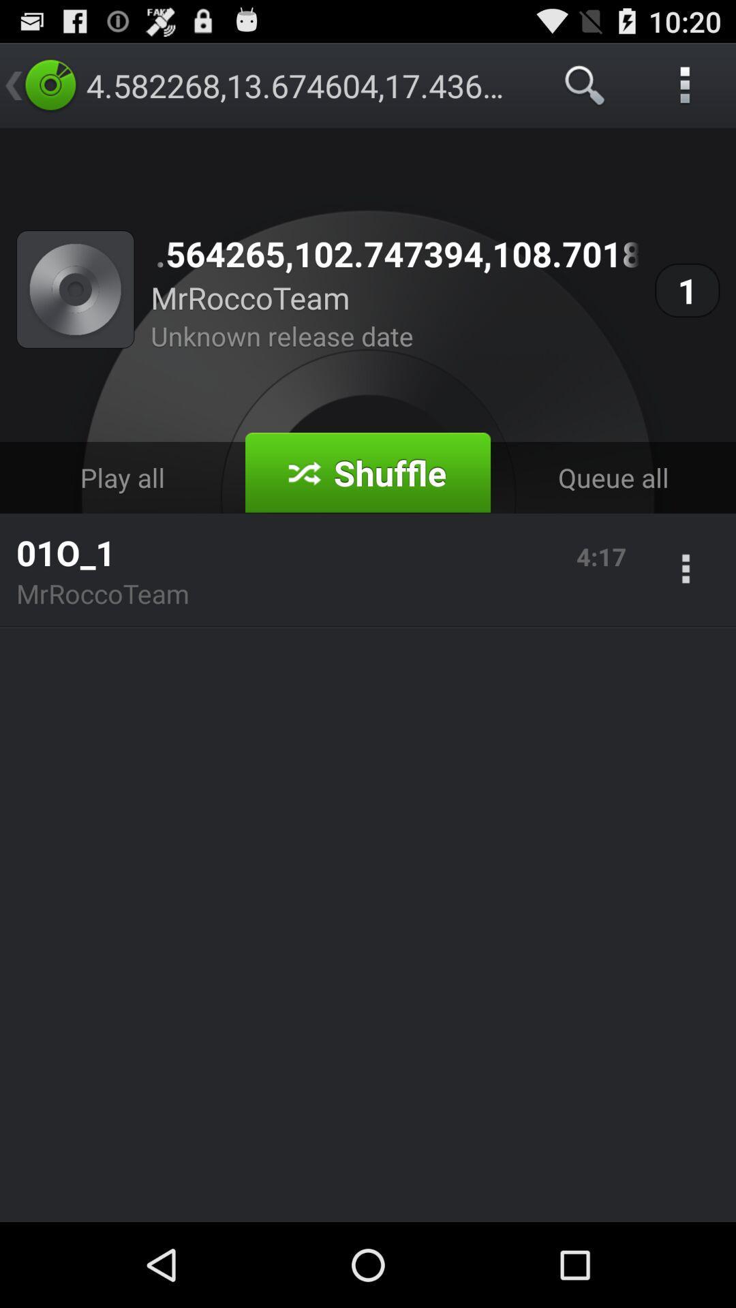 The height and width of the screenshot is (1308, 736). What do you see at coordinates (612, 478) in the screenshot?
I see `queue all app` at bounding box center [612, 478].